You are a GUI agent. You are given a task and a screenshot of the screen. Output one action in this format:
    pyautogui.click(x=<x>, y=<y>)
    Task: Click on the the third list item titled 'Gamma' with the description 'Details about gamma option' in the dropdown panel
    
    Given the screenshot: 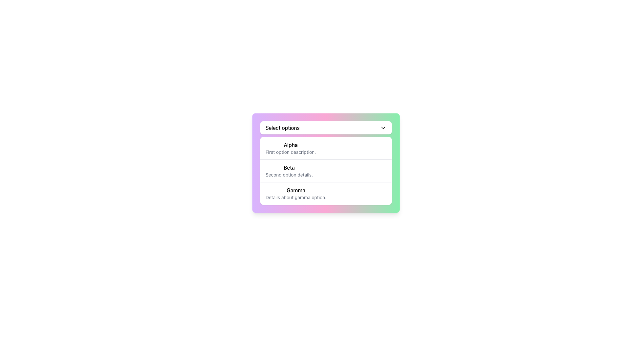 What is the action you would take?
    pyautogui.click(x=295, y=193)
    